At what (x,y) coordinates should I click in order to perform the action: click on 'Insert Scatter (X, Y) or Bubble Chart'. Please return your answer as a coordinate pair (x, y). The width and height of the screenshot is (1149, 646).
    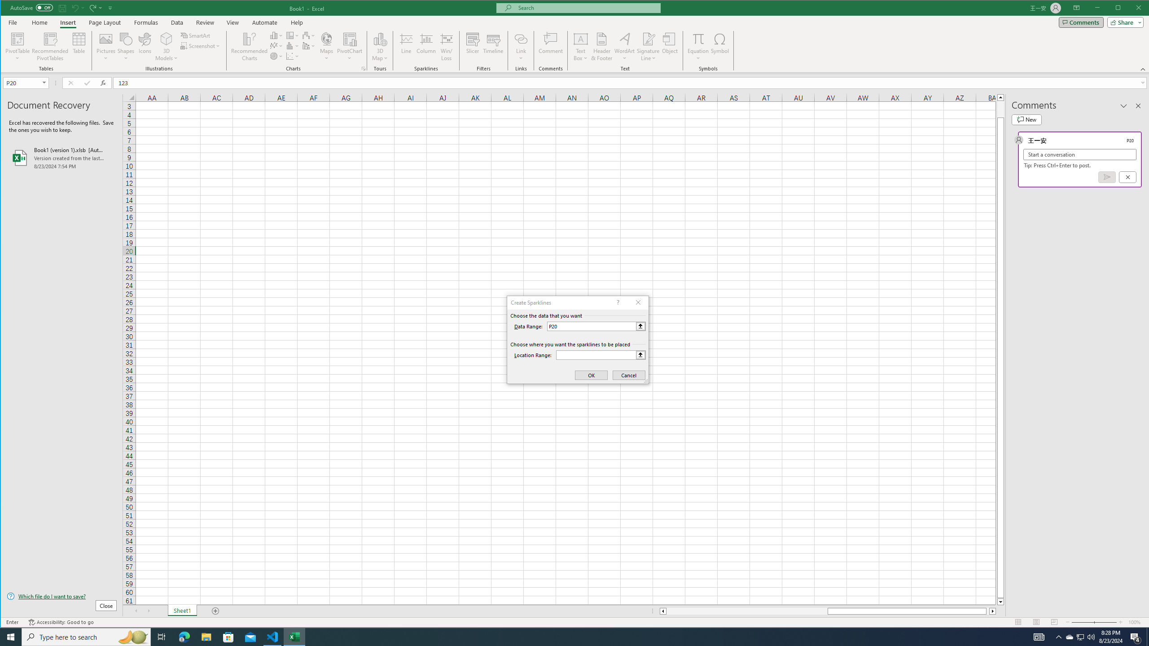
    Looking at the image, I should click on (293, 56).